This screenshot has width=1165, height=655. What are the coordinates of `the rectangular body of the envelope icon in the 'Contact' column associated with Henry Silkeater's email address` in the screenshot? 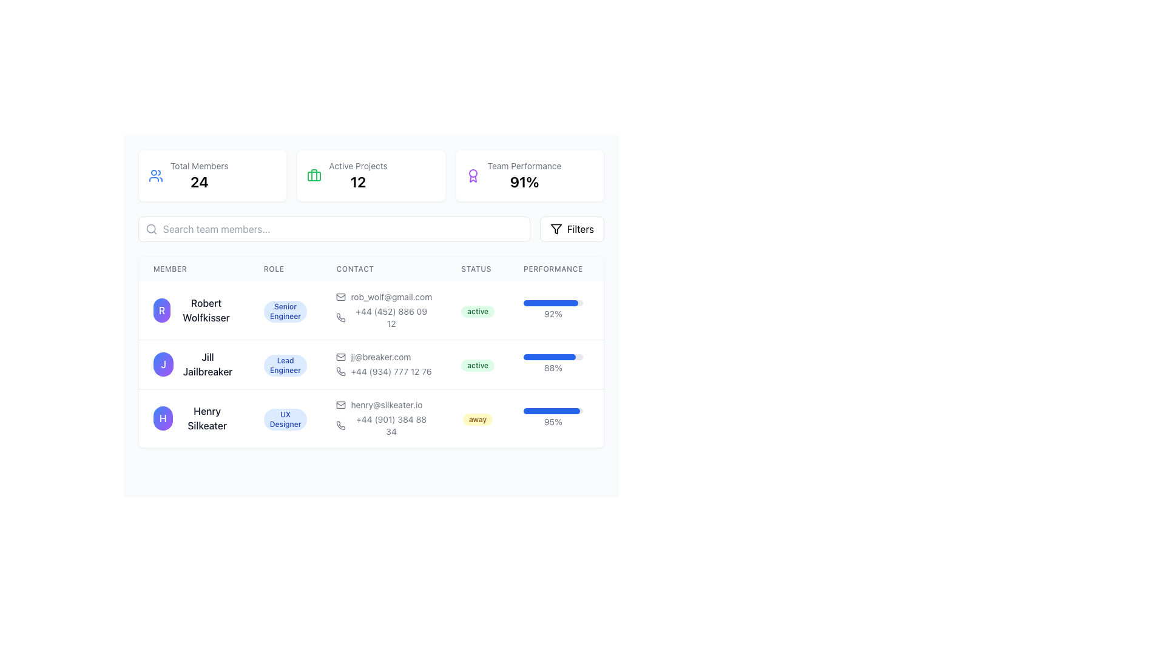 It's located at (340, 405).